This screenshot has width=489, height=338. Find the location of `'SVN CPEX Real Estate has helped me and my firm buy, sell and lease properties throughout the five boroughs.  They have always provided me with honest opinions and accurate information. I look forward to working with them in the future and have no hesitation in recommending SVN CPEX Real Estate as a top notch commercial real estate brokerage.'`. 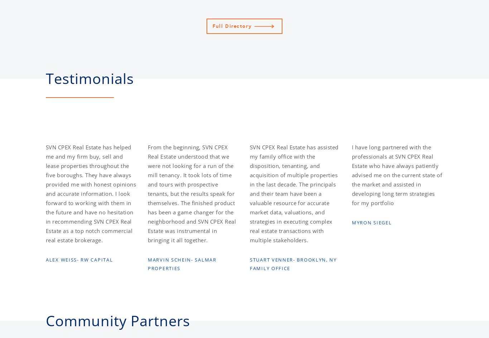

'SVN CPEX Real Estate has helped me and my firm buy, sell and lease properties throughout the five boroughs.  They have always provided me with honest opinions and accurate information. I look forward to working with them in the future and have no hesitation in recommending SVN CPEX Real Estate as a top notch commercial real estate brokerage.' is located at coordinates (91, 193).